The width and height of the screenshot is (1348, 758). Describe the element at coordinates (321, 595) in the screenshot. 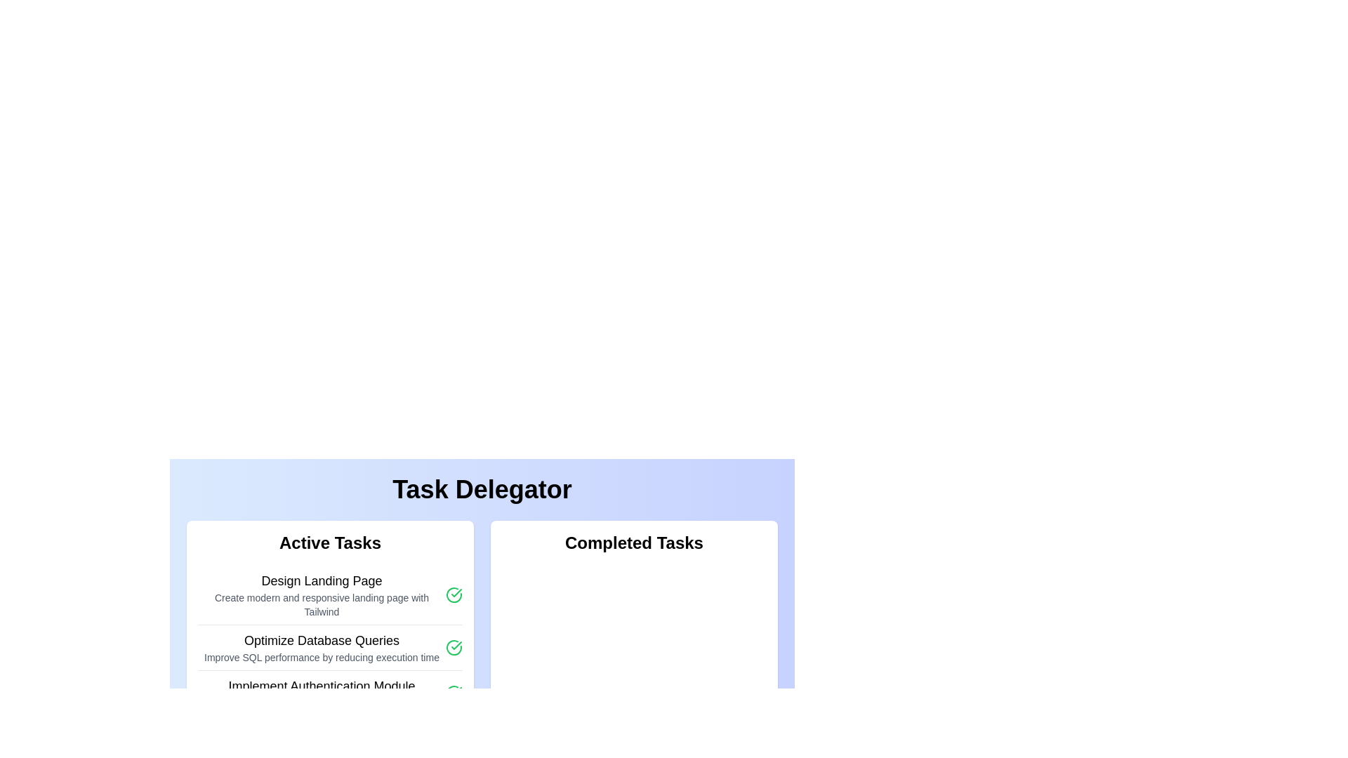

I see `the first multi-line informational text block in the 'Active Tasks' section, which displays task-specific details` at that location.